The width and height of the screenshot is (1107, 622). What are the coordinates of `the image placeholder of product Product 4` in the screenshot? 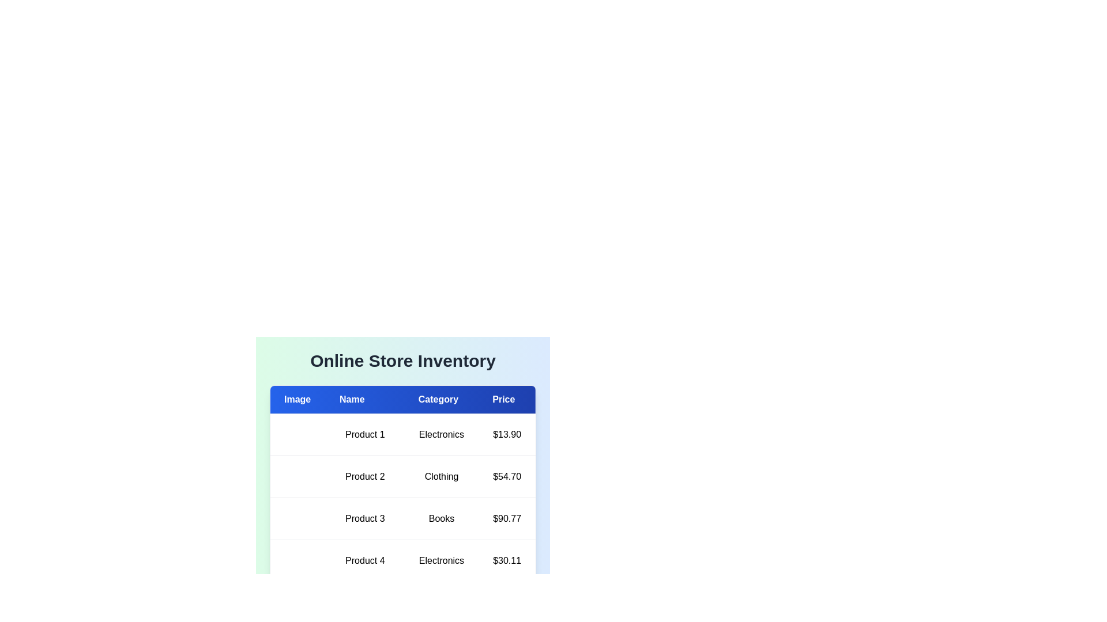 It's located at (284, 560).